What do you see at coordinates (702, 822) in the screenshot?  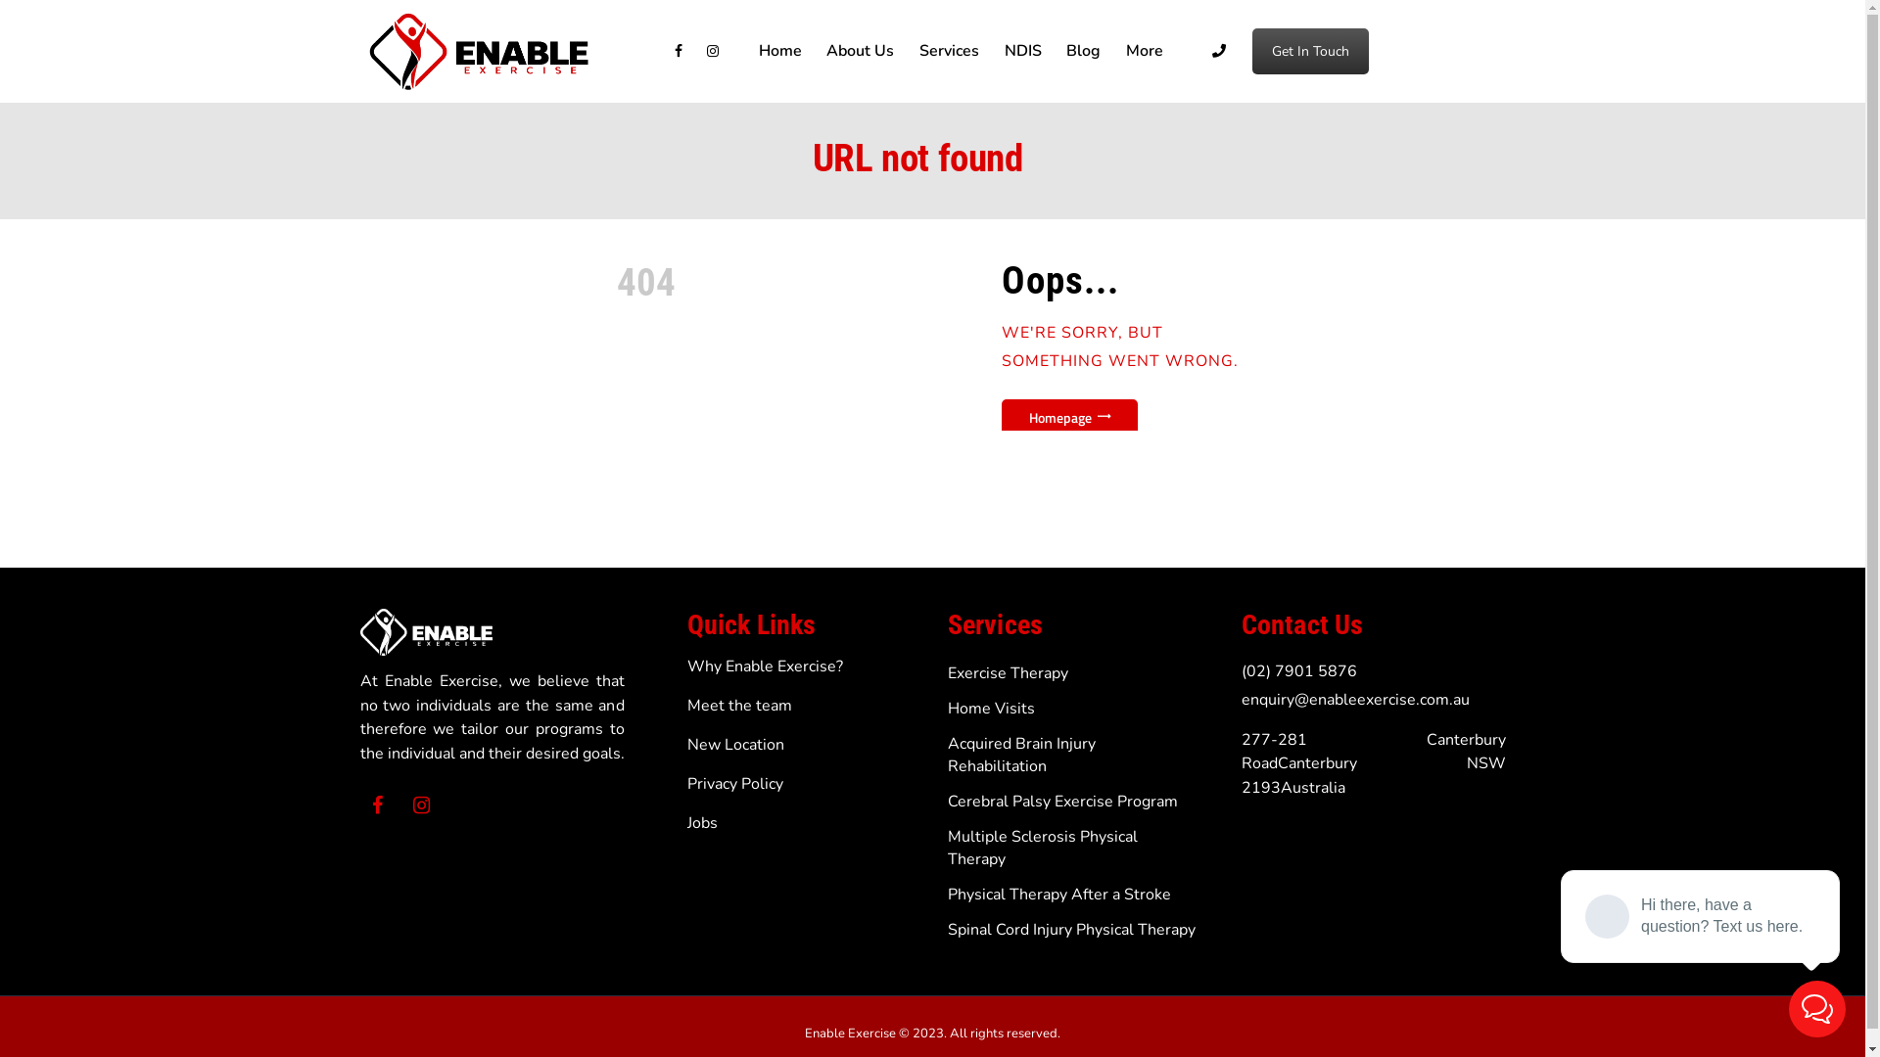 I see `'Jobs'` at bounding box center [702, 822].